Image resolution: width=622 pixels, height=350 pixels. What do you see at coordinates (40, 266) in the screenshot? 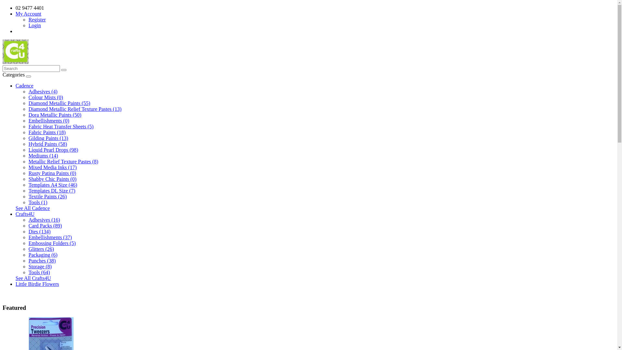
I see `'Storage (8)'` at bounding box center [40, 266].